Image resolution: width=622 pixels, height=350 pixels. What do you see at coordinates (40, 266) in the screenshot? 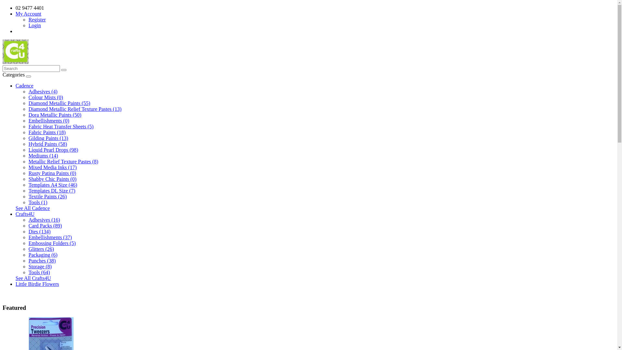
I see `'Storage (8)'` at bounding box center [40, 266].